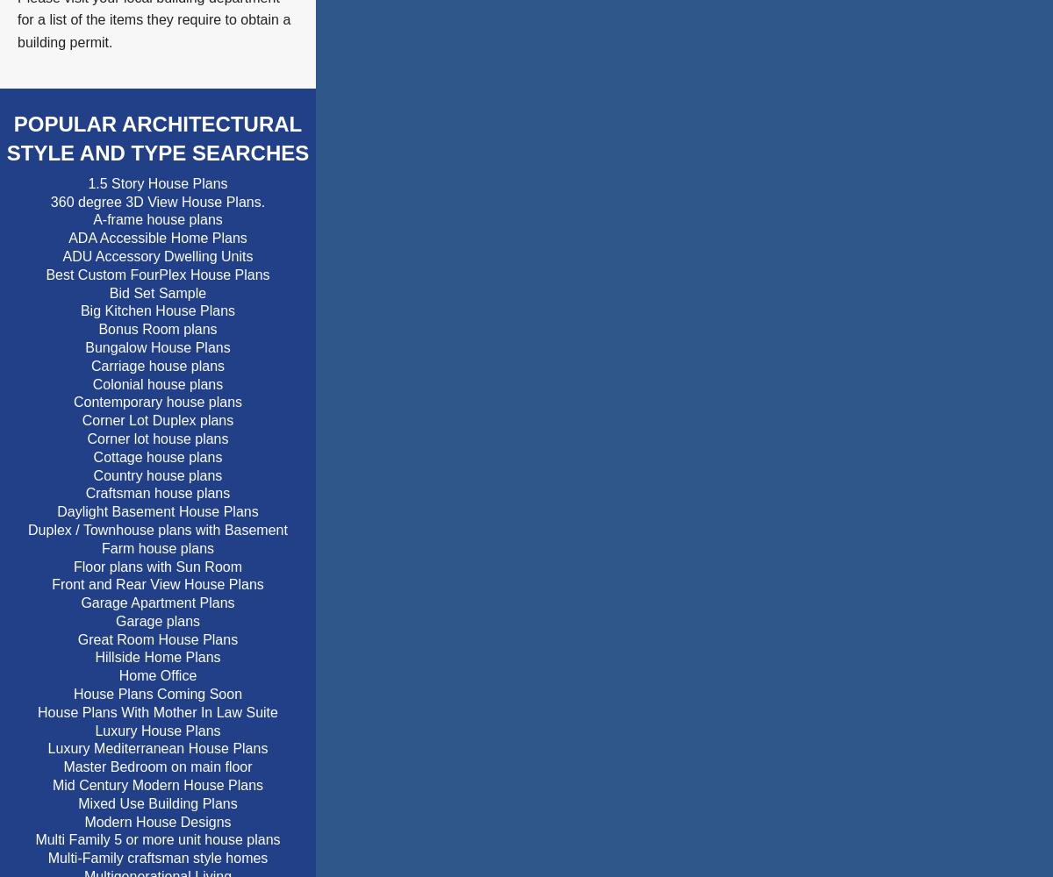  I want to click on 'Mid Century Modern House Plans', so click(156, 785).